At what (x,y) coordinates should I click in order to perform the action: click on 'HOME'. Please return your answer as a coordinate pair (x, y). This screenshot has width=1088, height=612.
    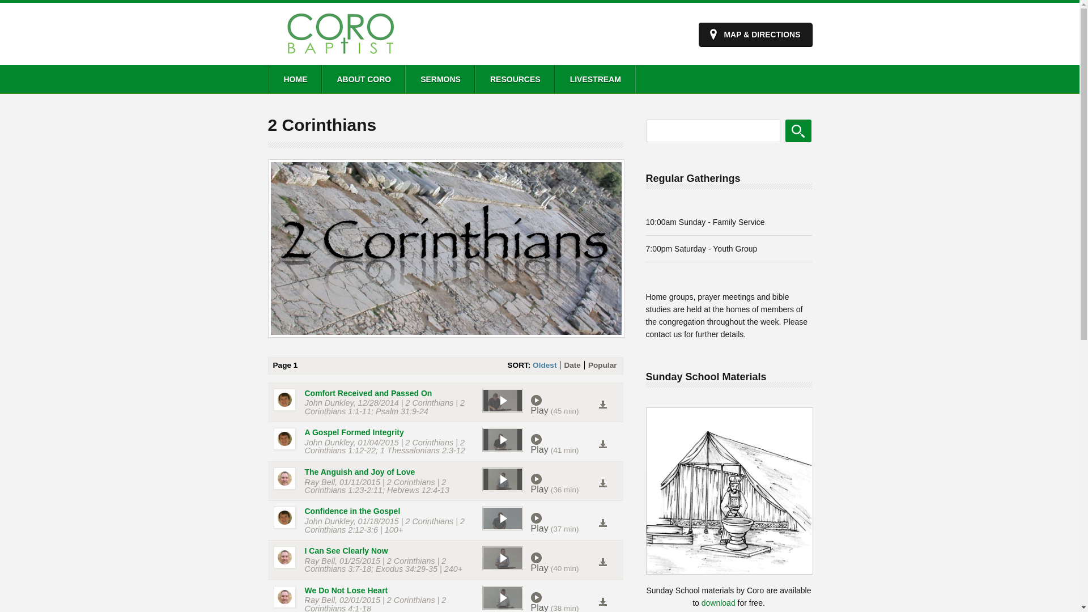
    Looking at the image, I should click on (294, 78).